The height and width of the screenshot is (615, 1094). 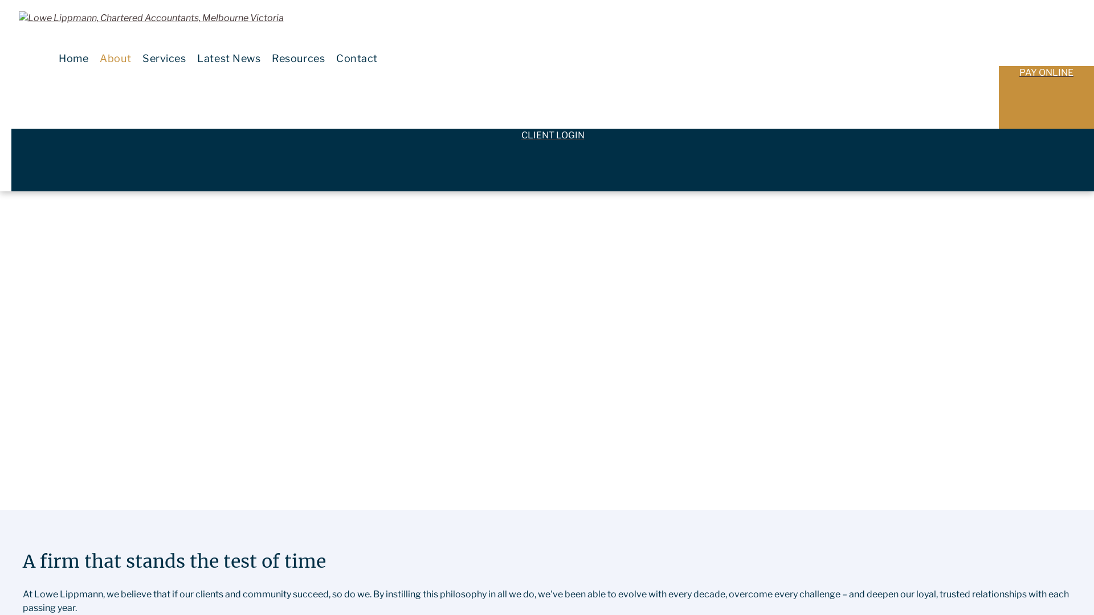 What do you see at coordinates (164, 58) in the screenshot?
I see `'Services'` at bounding box center [164, 58].